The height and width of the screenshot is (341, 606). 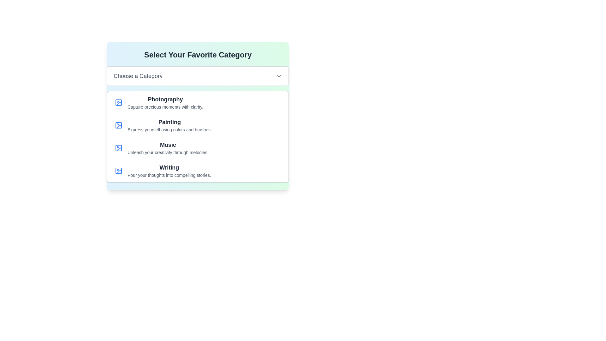 I want to click on descriptive text located below the bolded title 'Painting' within the category card to understand the details about the category, so click(x=169, y=129).